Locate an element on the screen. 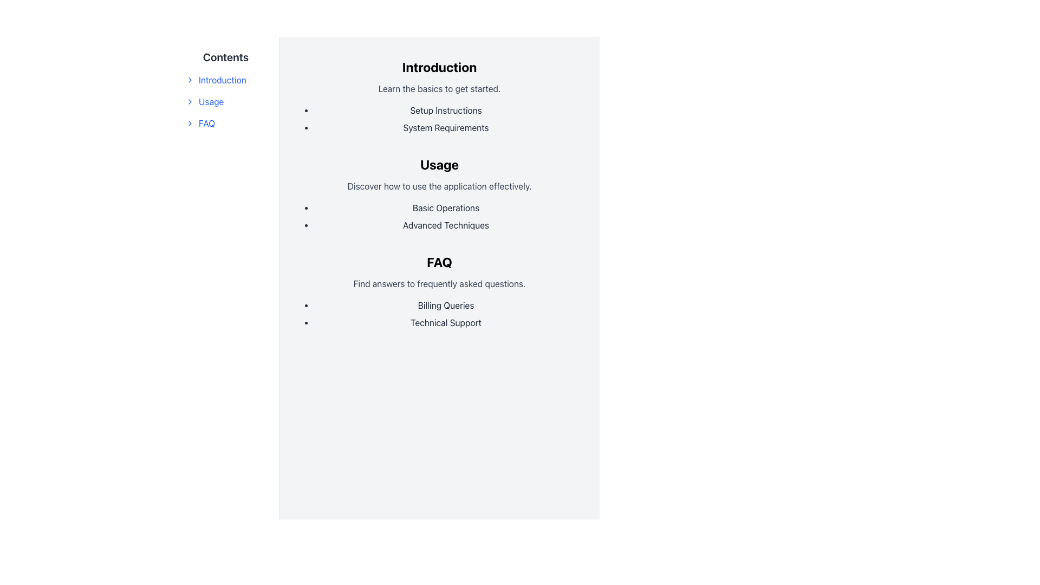  the 'Usage' hyperlink is located at coordinates (225, 102).